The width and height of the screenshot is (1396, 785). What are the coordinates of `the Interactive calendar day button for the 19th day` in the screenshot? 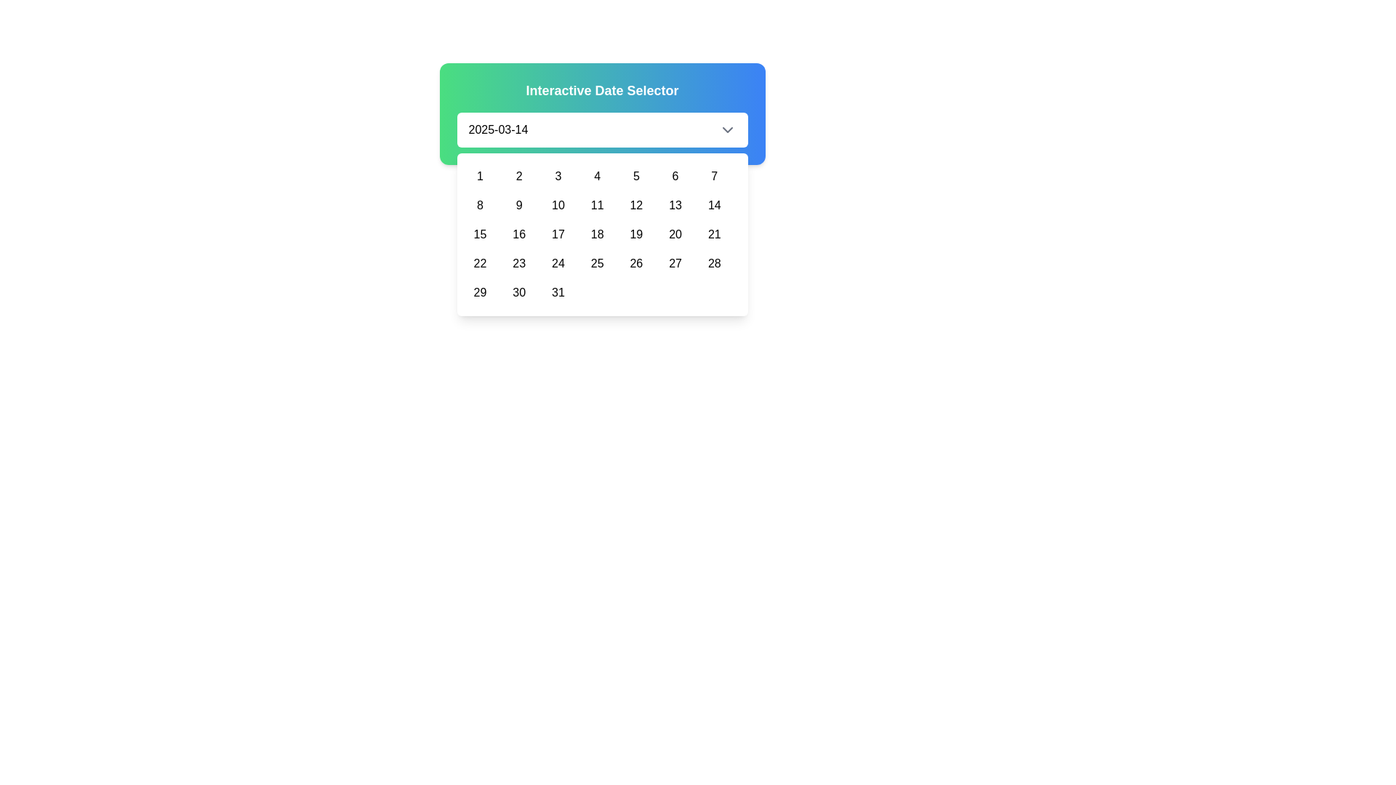 It's located at (636, 234).